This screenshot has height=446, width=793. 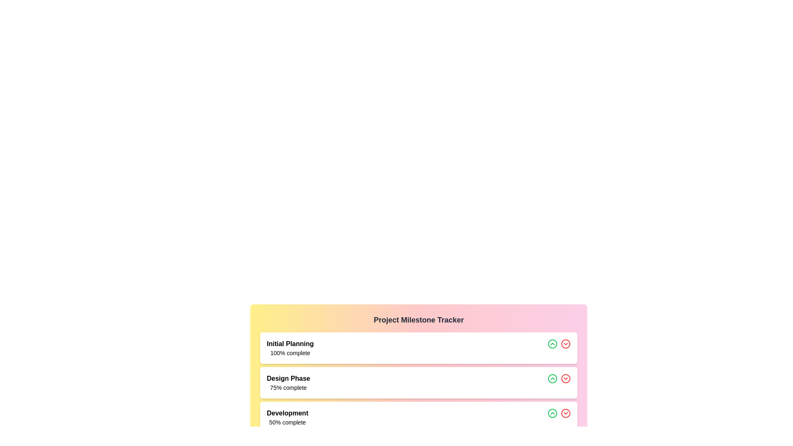 What do you see at coordinates (559, 417) in the screenshot?
I see `the upward chevron button located at the far right of the 'Development 50% complete' section` at bounding box center [559, 417].